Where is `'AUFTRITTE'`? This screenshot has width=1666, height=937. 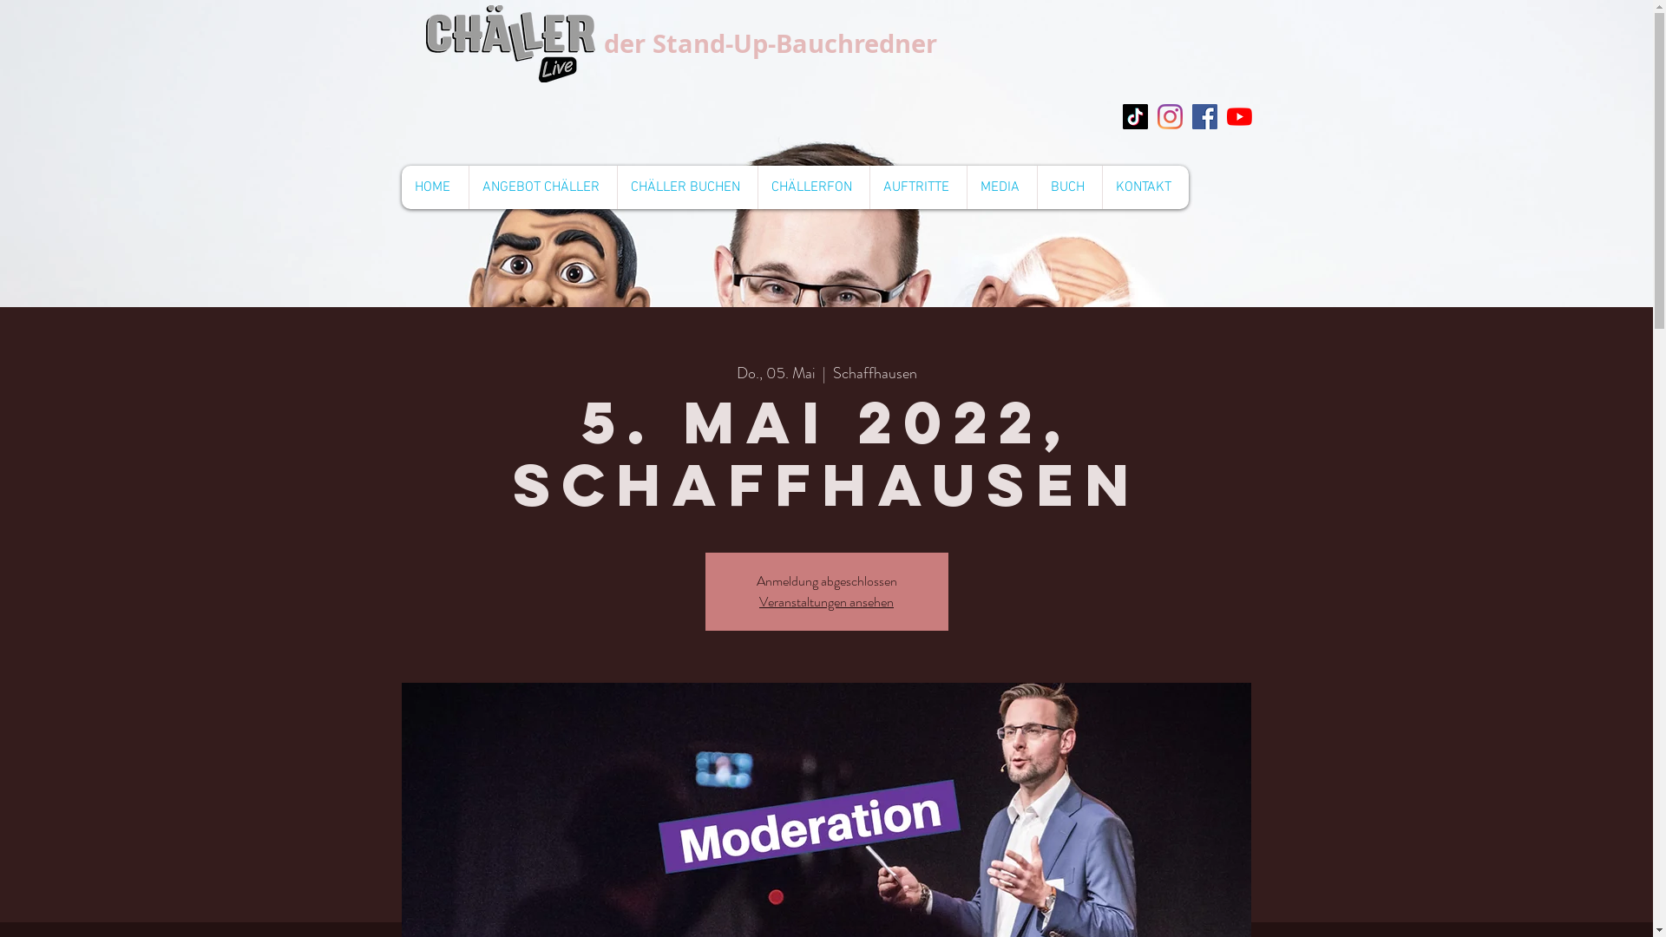
'AUFTRITTE' is located at coordinates (916, 187).